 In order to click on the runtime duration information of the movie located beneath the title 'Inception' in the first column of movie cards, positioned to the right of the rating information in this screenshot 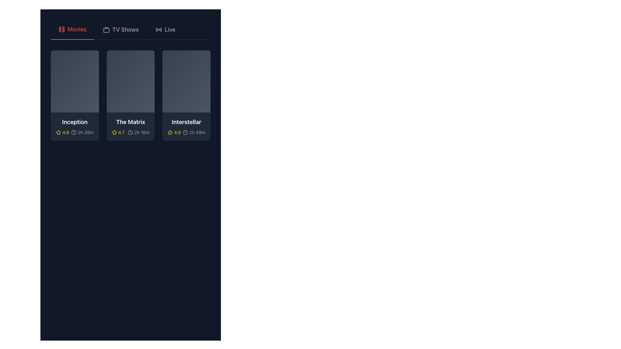, I will do `click(75, 132)`.